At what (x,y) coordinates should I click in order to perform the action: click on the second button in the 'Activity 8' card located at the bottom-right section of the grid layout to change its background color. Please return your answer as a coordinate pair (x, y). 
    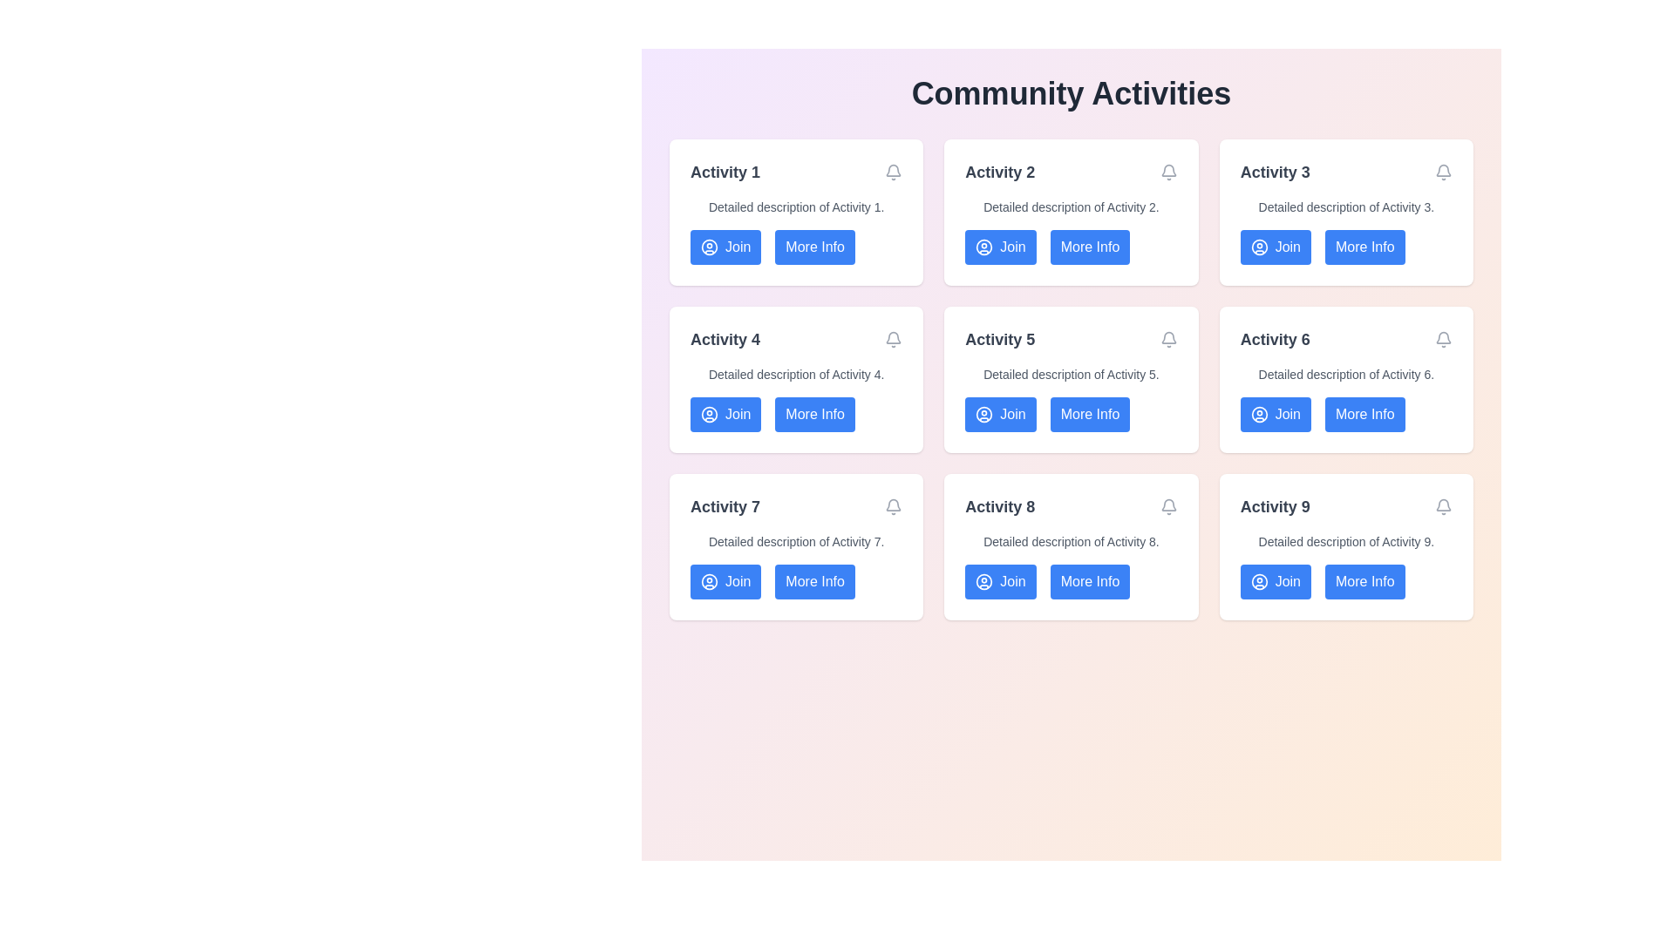
    Looking at the image, I should click on (1070, 581).